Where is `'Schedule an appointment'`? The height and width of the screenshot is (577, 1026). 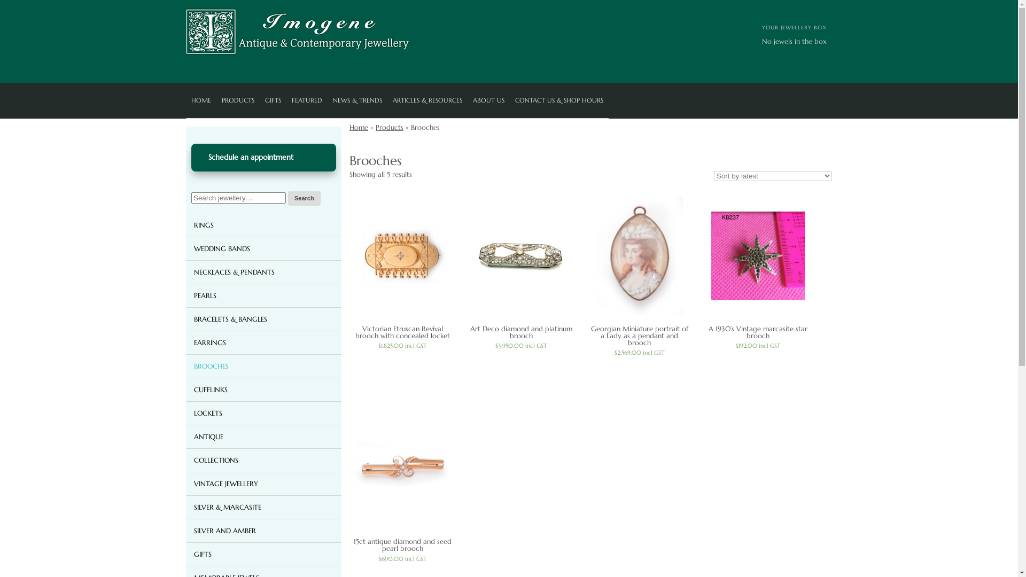 'Schedule an appointment' is located at coordinates (263, 157).